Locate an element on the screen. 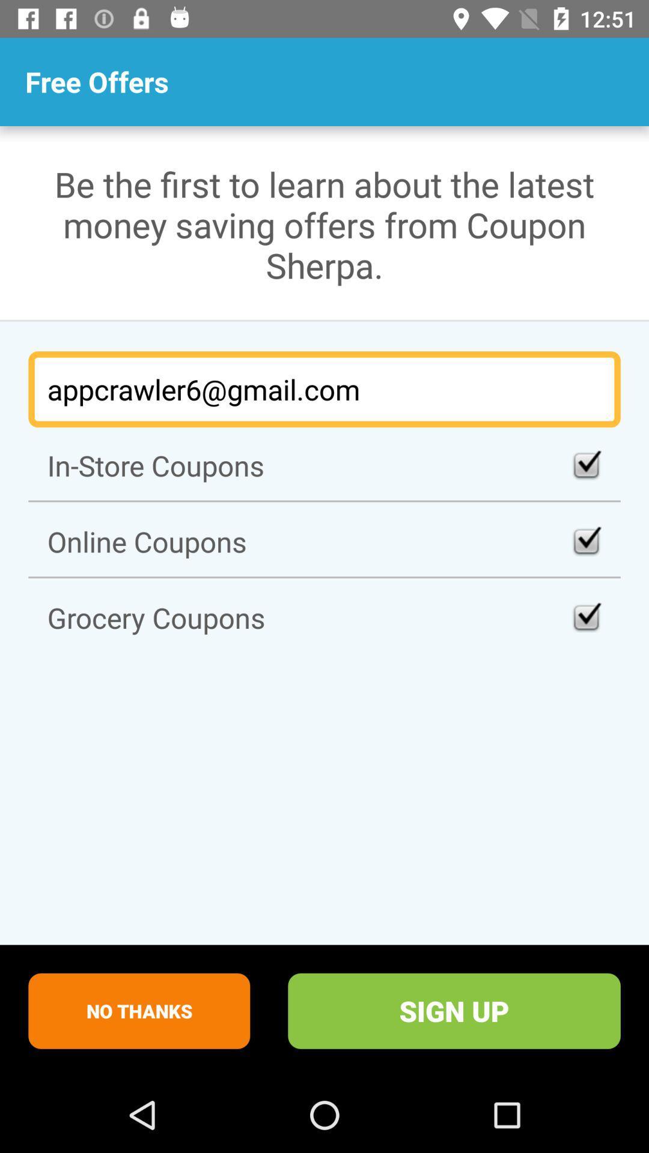 This screenshot has width=649, height=1153. the item above no thanks is located at coordinates (324, 617).